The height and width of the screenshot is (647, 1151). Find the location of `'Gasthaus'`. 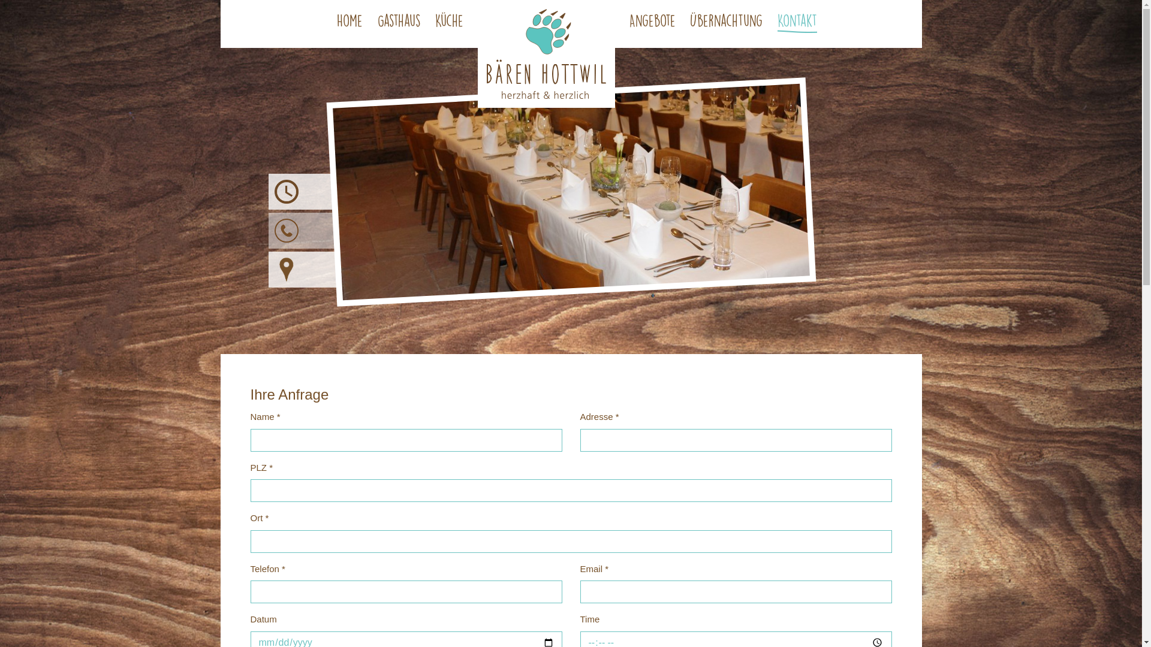

'Gasthaus' is located at coordinates (399, 23).